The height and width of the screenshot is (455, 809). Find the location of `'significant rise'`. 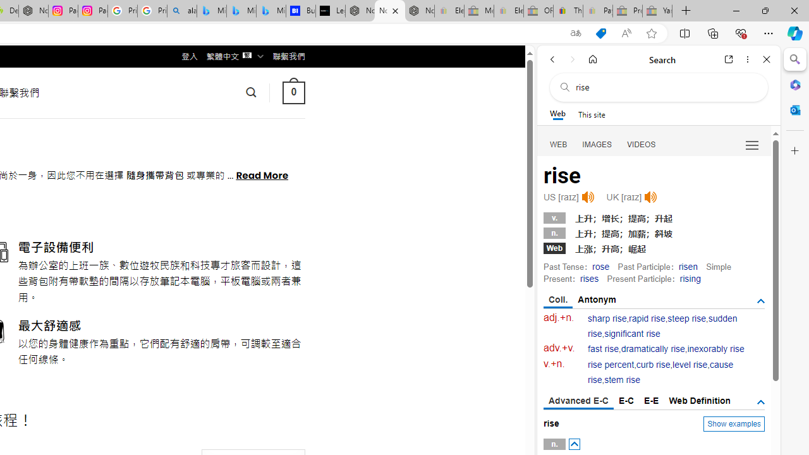

'significant rise' is located at coordinates (632, 333).